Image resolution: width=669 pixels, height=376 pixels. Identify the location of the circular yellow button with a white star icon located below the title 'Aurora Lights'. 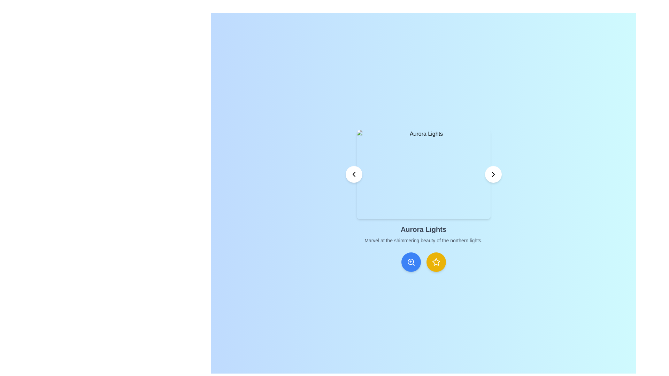
(436, 262).